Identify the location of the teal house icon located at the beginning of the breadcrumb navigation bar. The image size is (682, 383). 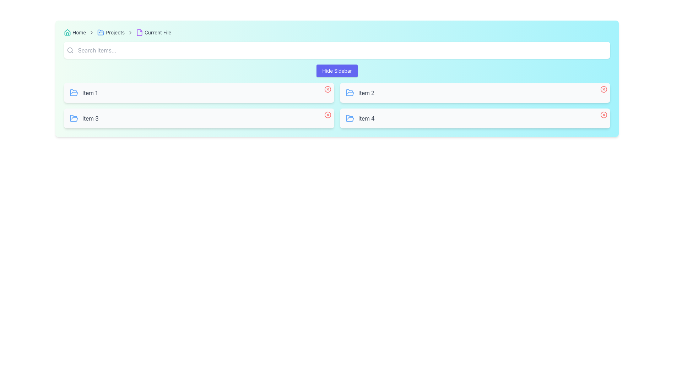
(67, 33).